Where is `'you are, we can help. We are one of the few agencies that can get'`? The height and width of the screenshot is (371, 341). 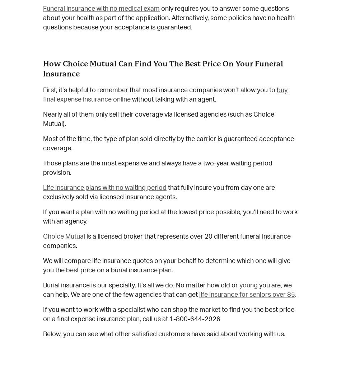 'you are, we can help. We are one of the few agencies that can get' is located at coordinates (167, 290).